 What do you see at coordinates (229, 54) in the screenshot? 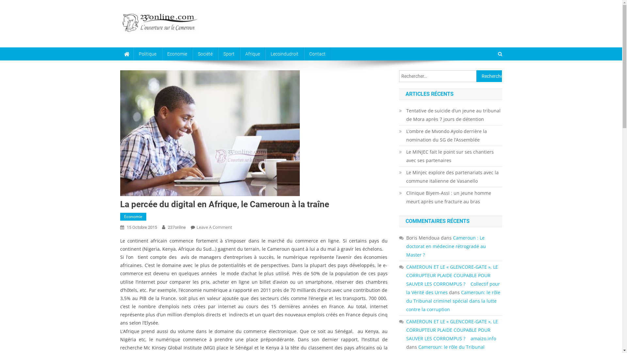
I see `'Sport'` at bounding box center [229, 54].